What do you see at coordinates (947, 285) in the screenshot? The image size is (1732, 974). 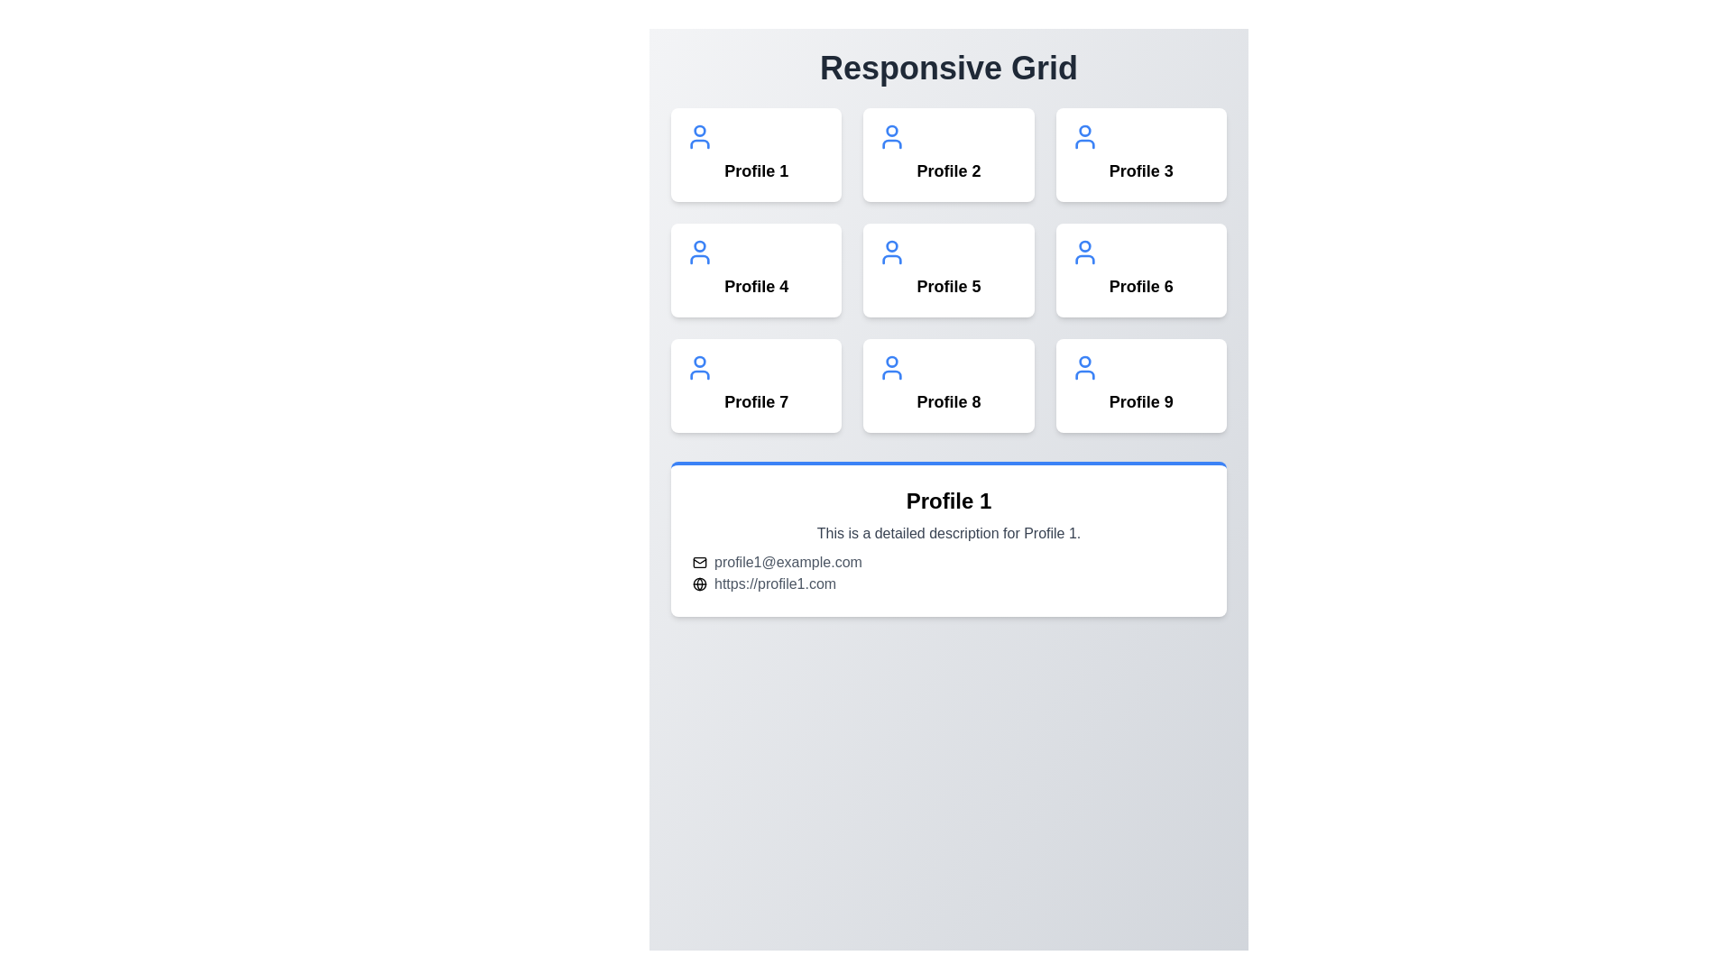 I see `text of the Text Label located at the center of the second row in the grid layout, which identifies the corresponding profile for the fifth item overall` at bounding box center [947, 285].